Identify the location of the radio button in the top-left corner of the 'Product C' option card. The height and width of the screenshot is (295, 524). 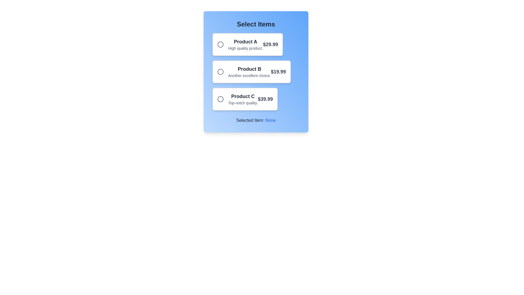
(223, 99).